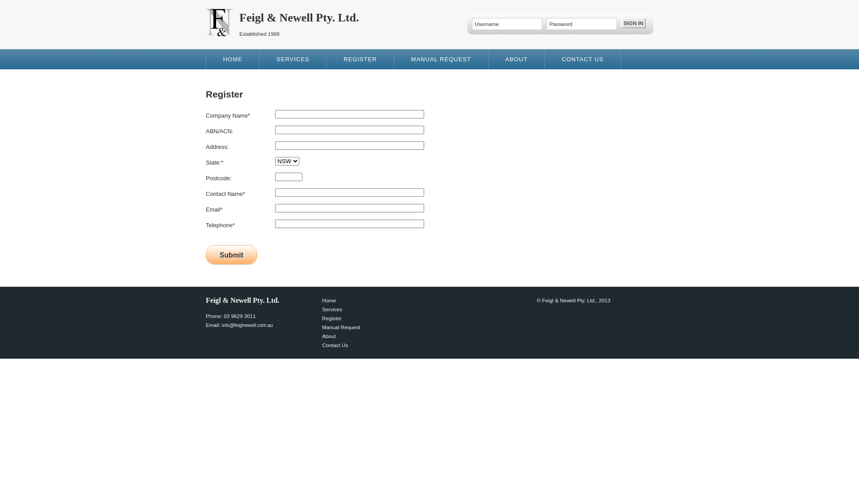  What do you see at coordinates (334, 344) in the screenshot?
I see `'Contact Us'` at bounding box center [334, 344].